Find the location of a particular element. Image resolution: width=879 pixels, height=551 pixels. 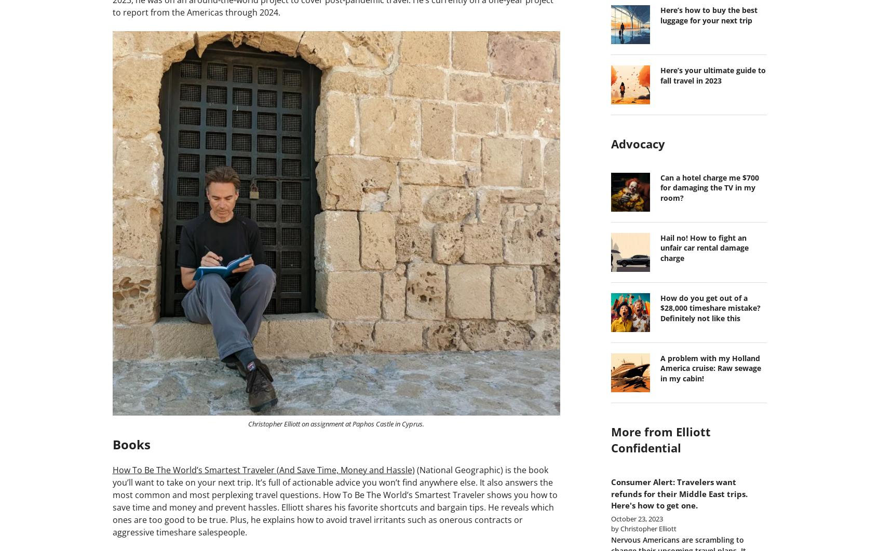

'Can a hotel charge me $700 for damaging the TV in my room?' is located at coordinates (709, 187).